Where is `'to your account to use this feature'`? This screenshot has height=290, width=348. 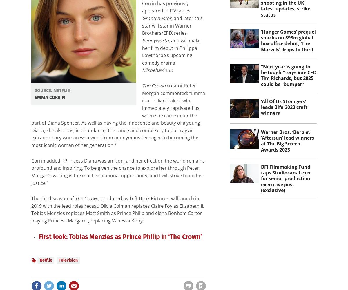 'to your account to use this feature' is located at coordinates (132, 273).